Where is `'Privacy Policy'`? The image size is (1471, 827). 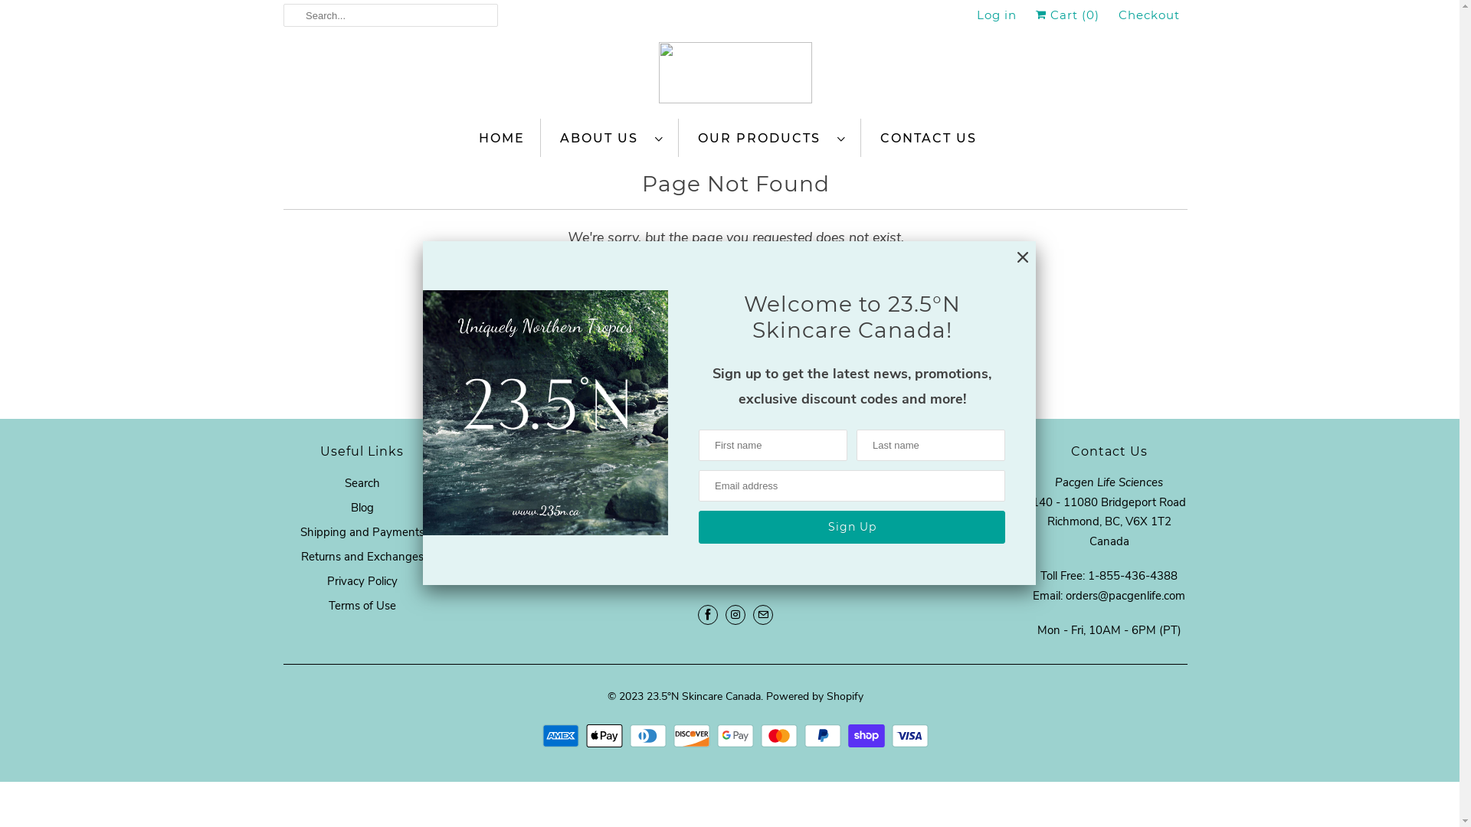 'Privacy Policy' is located at coordinates (360, 581).